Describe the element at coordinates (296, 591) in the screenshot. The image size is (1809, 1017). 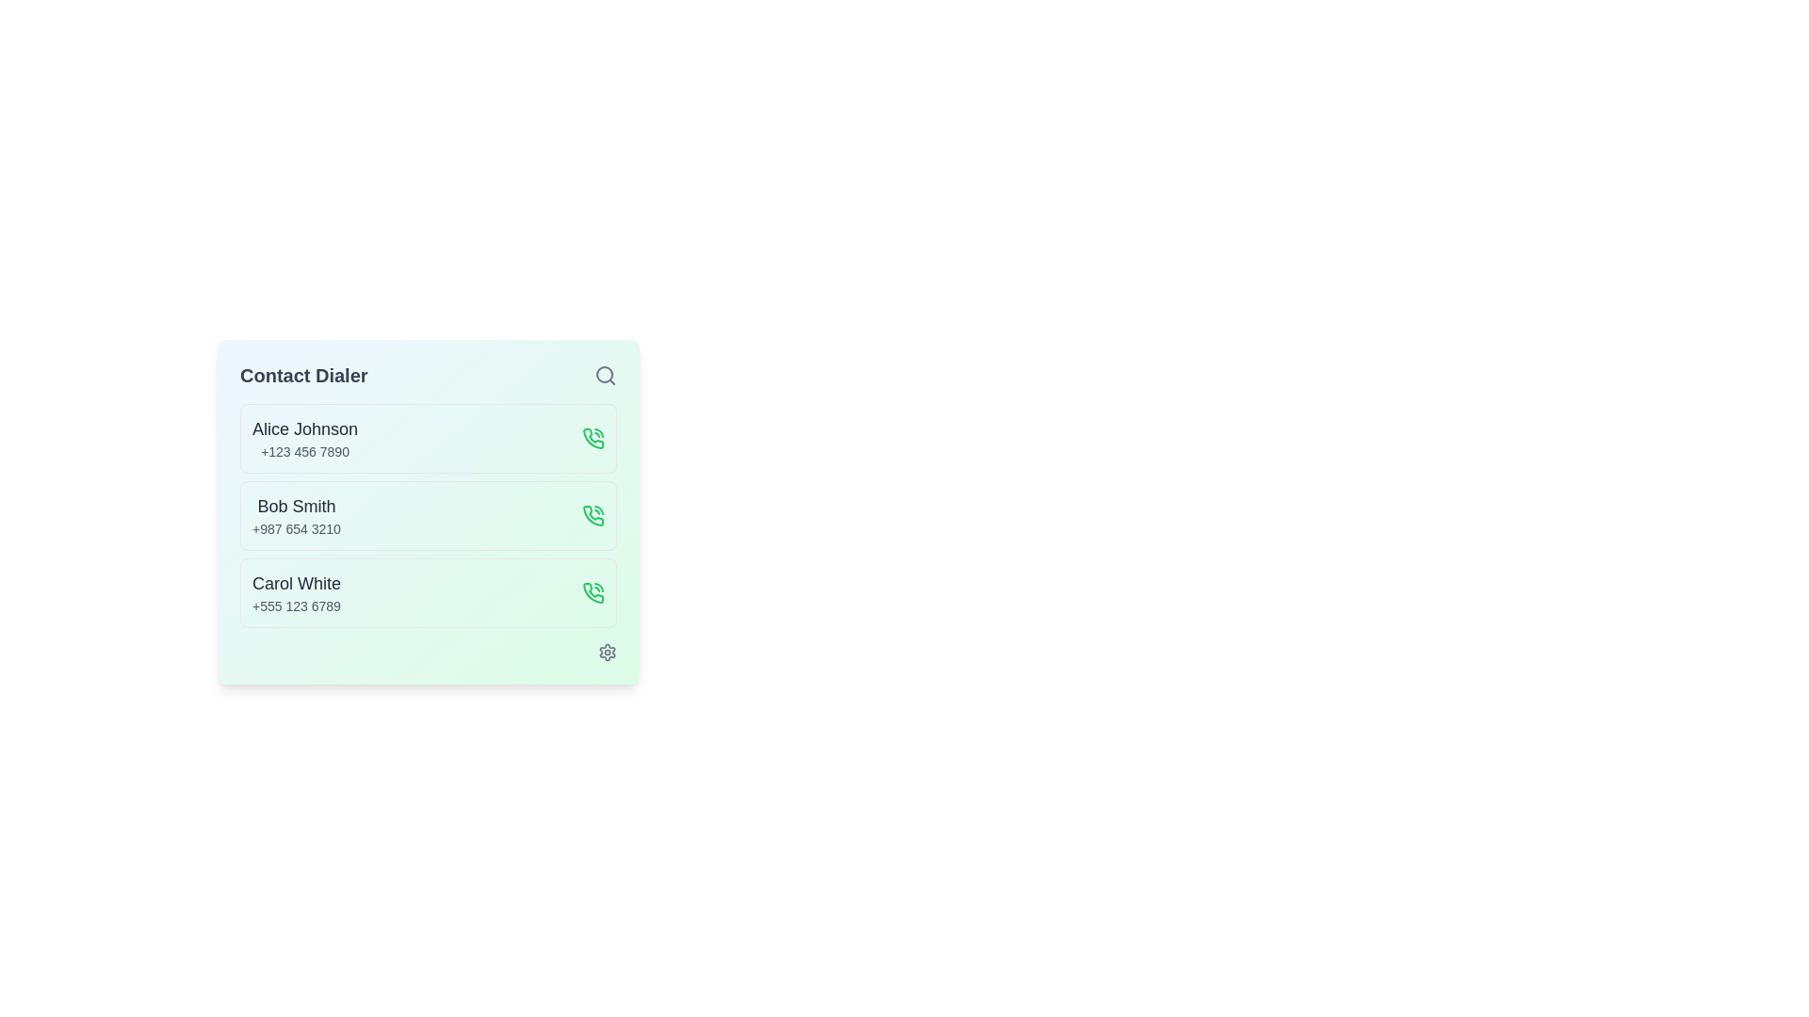
I see `the third contact entry` at that location.